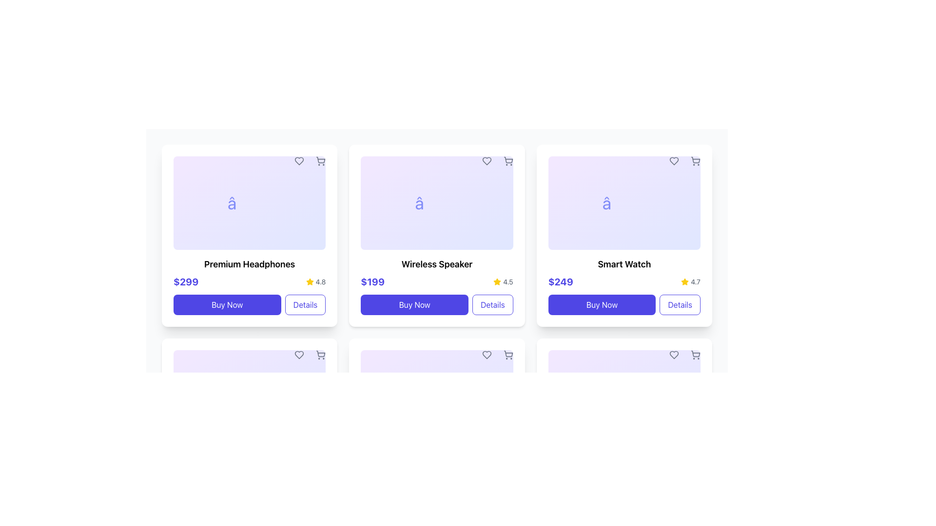  Describe the element at coordinates (673, 161) in the screenshot. I see `the heart icon in the top-right corner of the 'Smart Watch' product card to favorite or unfavorite the item` at that location.